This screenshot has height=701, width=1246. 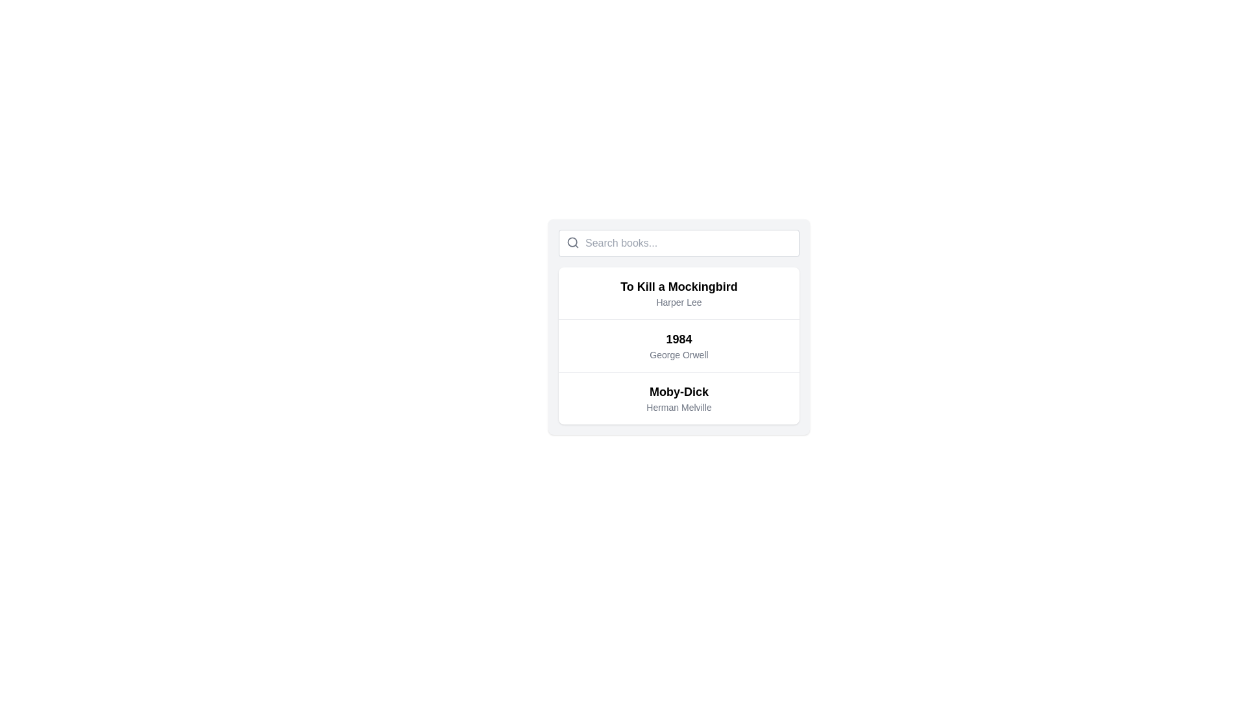 What do you see at coordinates (678, 339) in the screenshot?
I see `the text display component showing the title '1984' in the interactive list of books` at bounding box center [678, 339].